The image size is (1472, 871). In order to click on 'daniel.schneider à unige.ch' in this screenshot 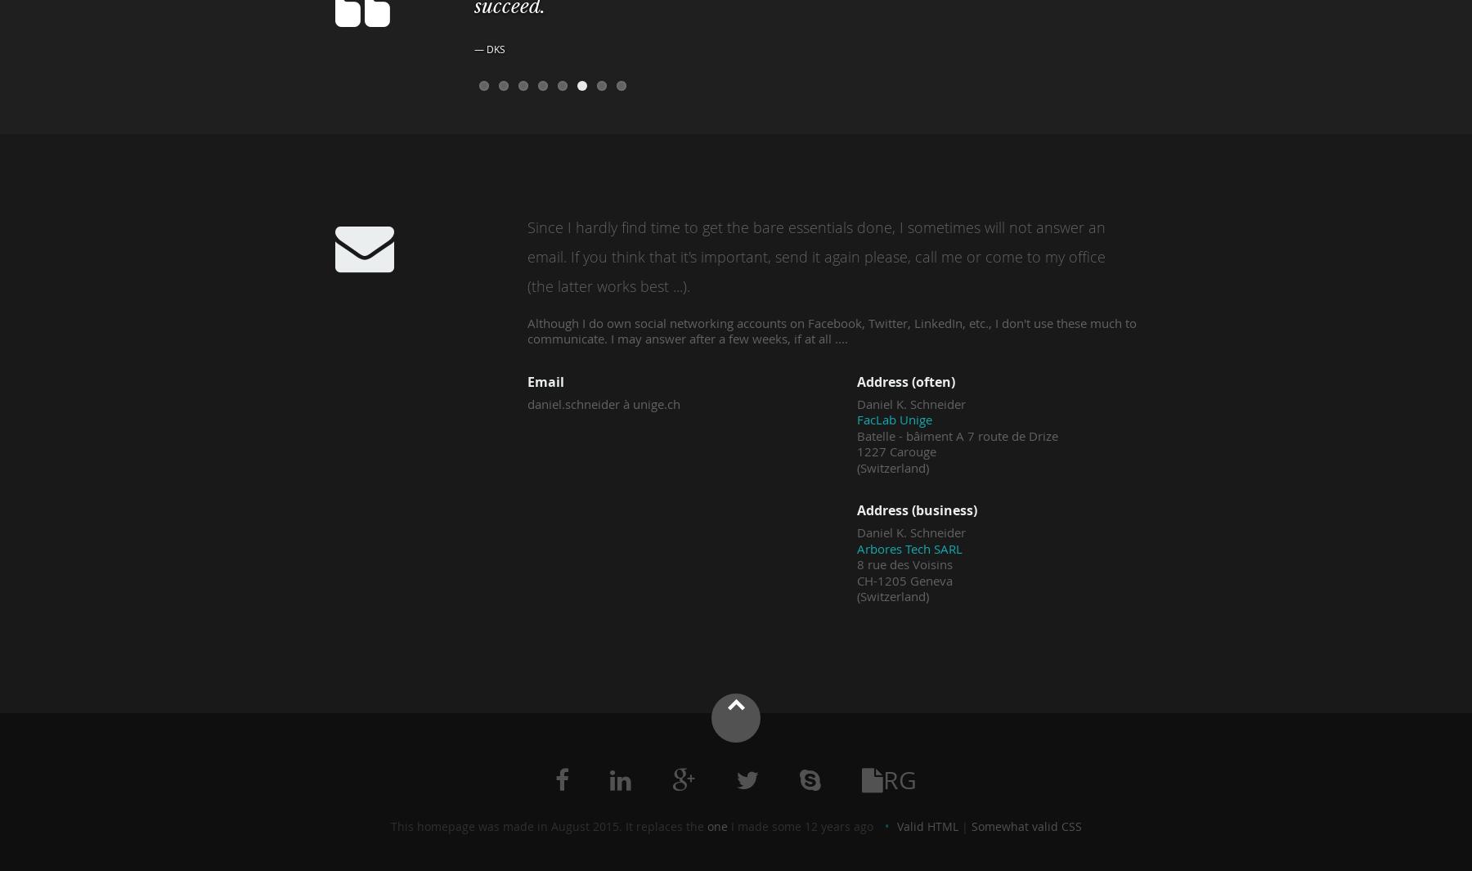, I will do `click(603, 402)`.